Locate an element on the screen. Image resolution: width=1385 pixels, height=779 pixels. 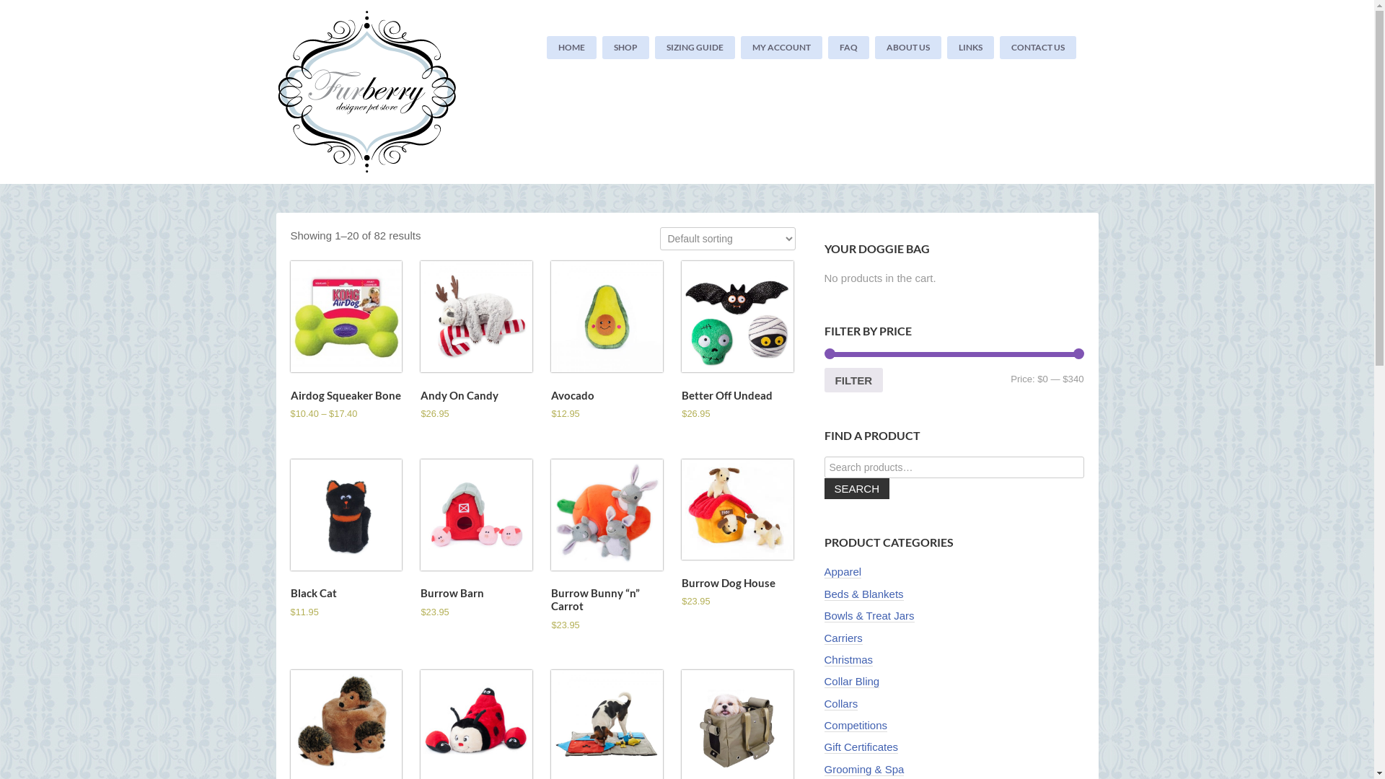
'Beds & Blankets' is located at coordinates (863, 594).